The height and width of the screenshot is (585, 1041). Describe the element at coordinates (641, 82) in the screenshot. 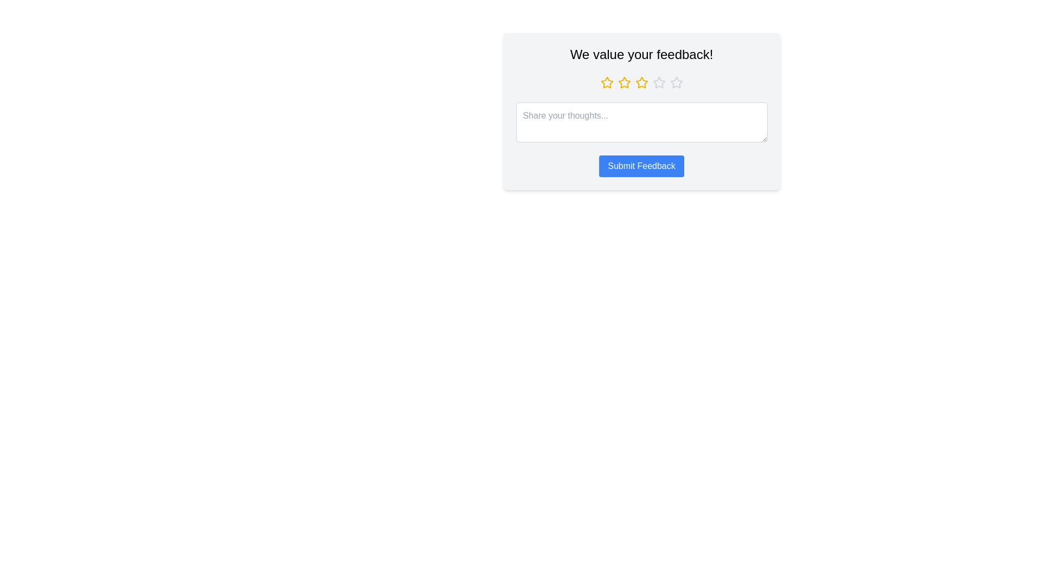

I see `the third star` at that location.